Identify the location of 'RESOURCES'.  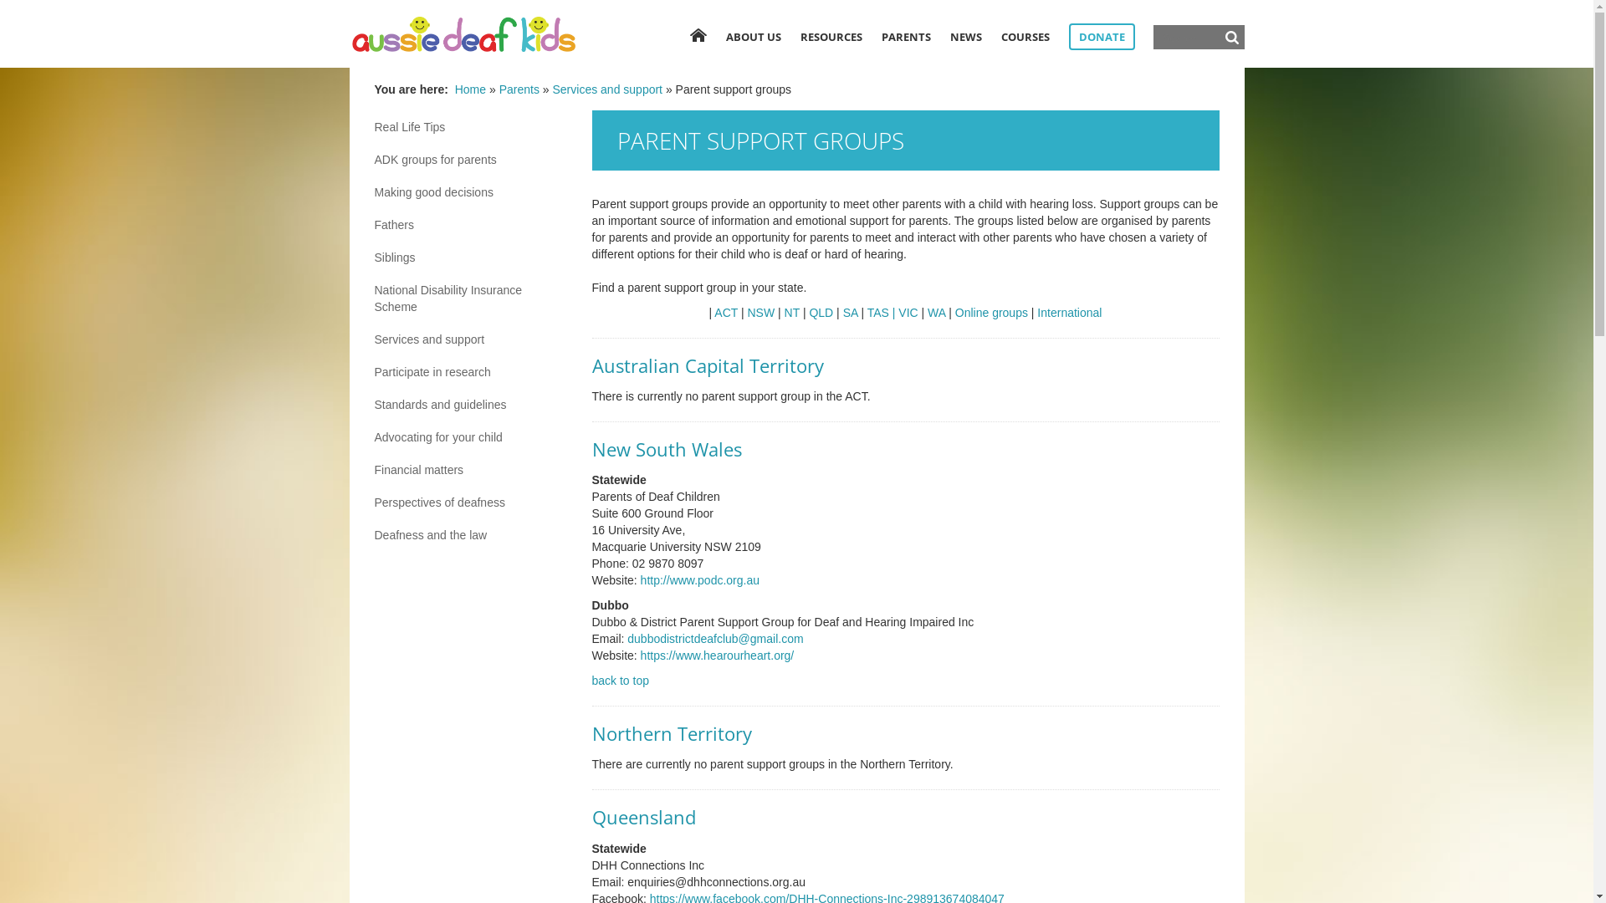
(798, 36).